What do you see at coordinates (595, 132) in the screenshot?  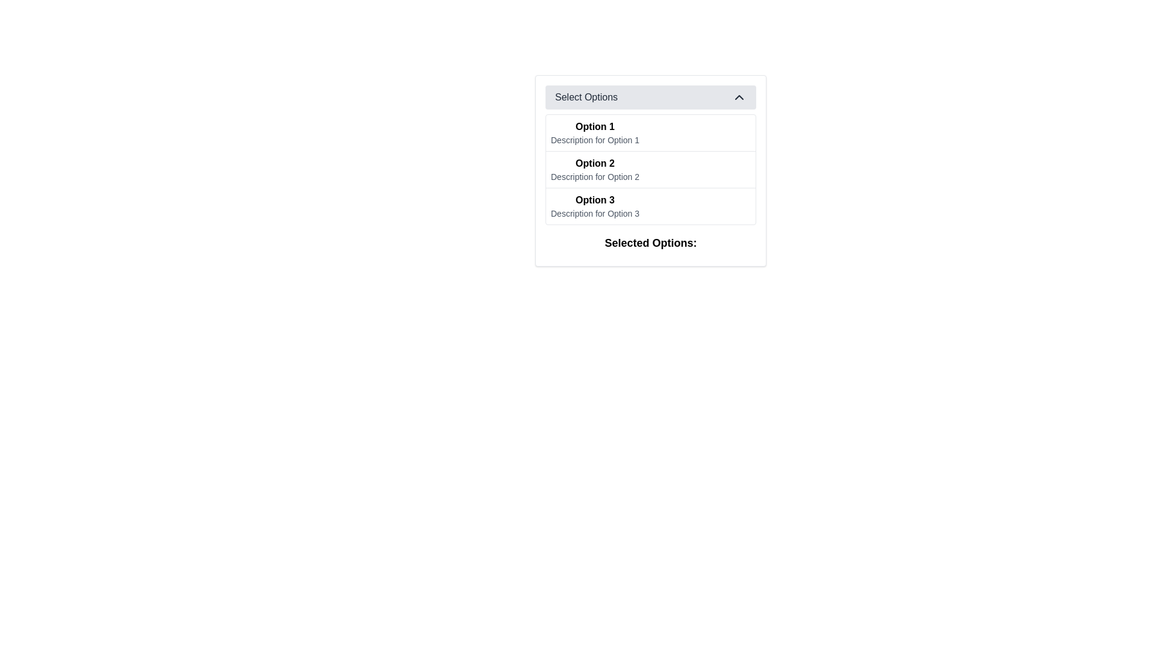 I see `on the first selectable option 'Option 1' in the dropdown menu titled 'Select Options'` at bounding box center [595, 132].